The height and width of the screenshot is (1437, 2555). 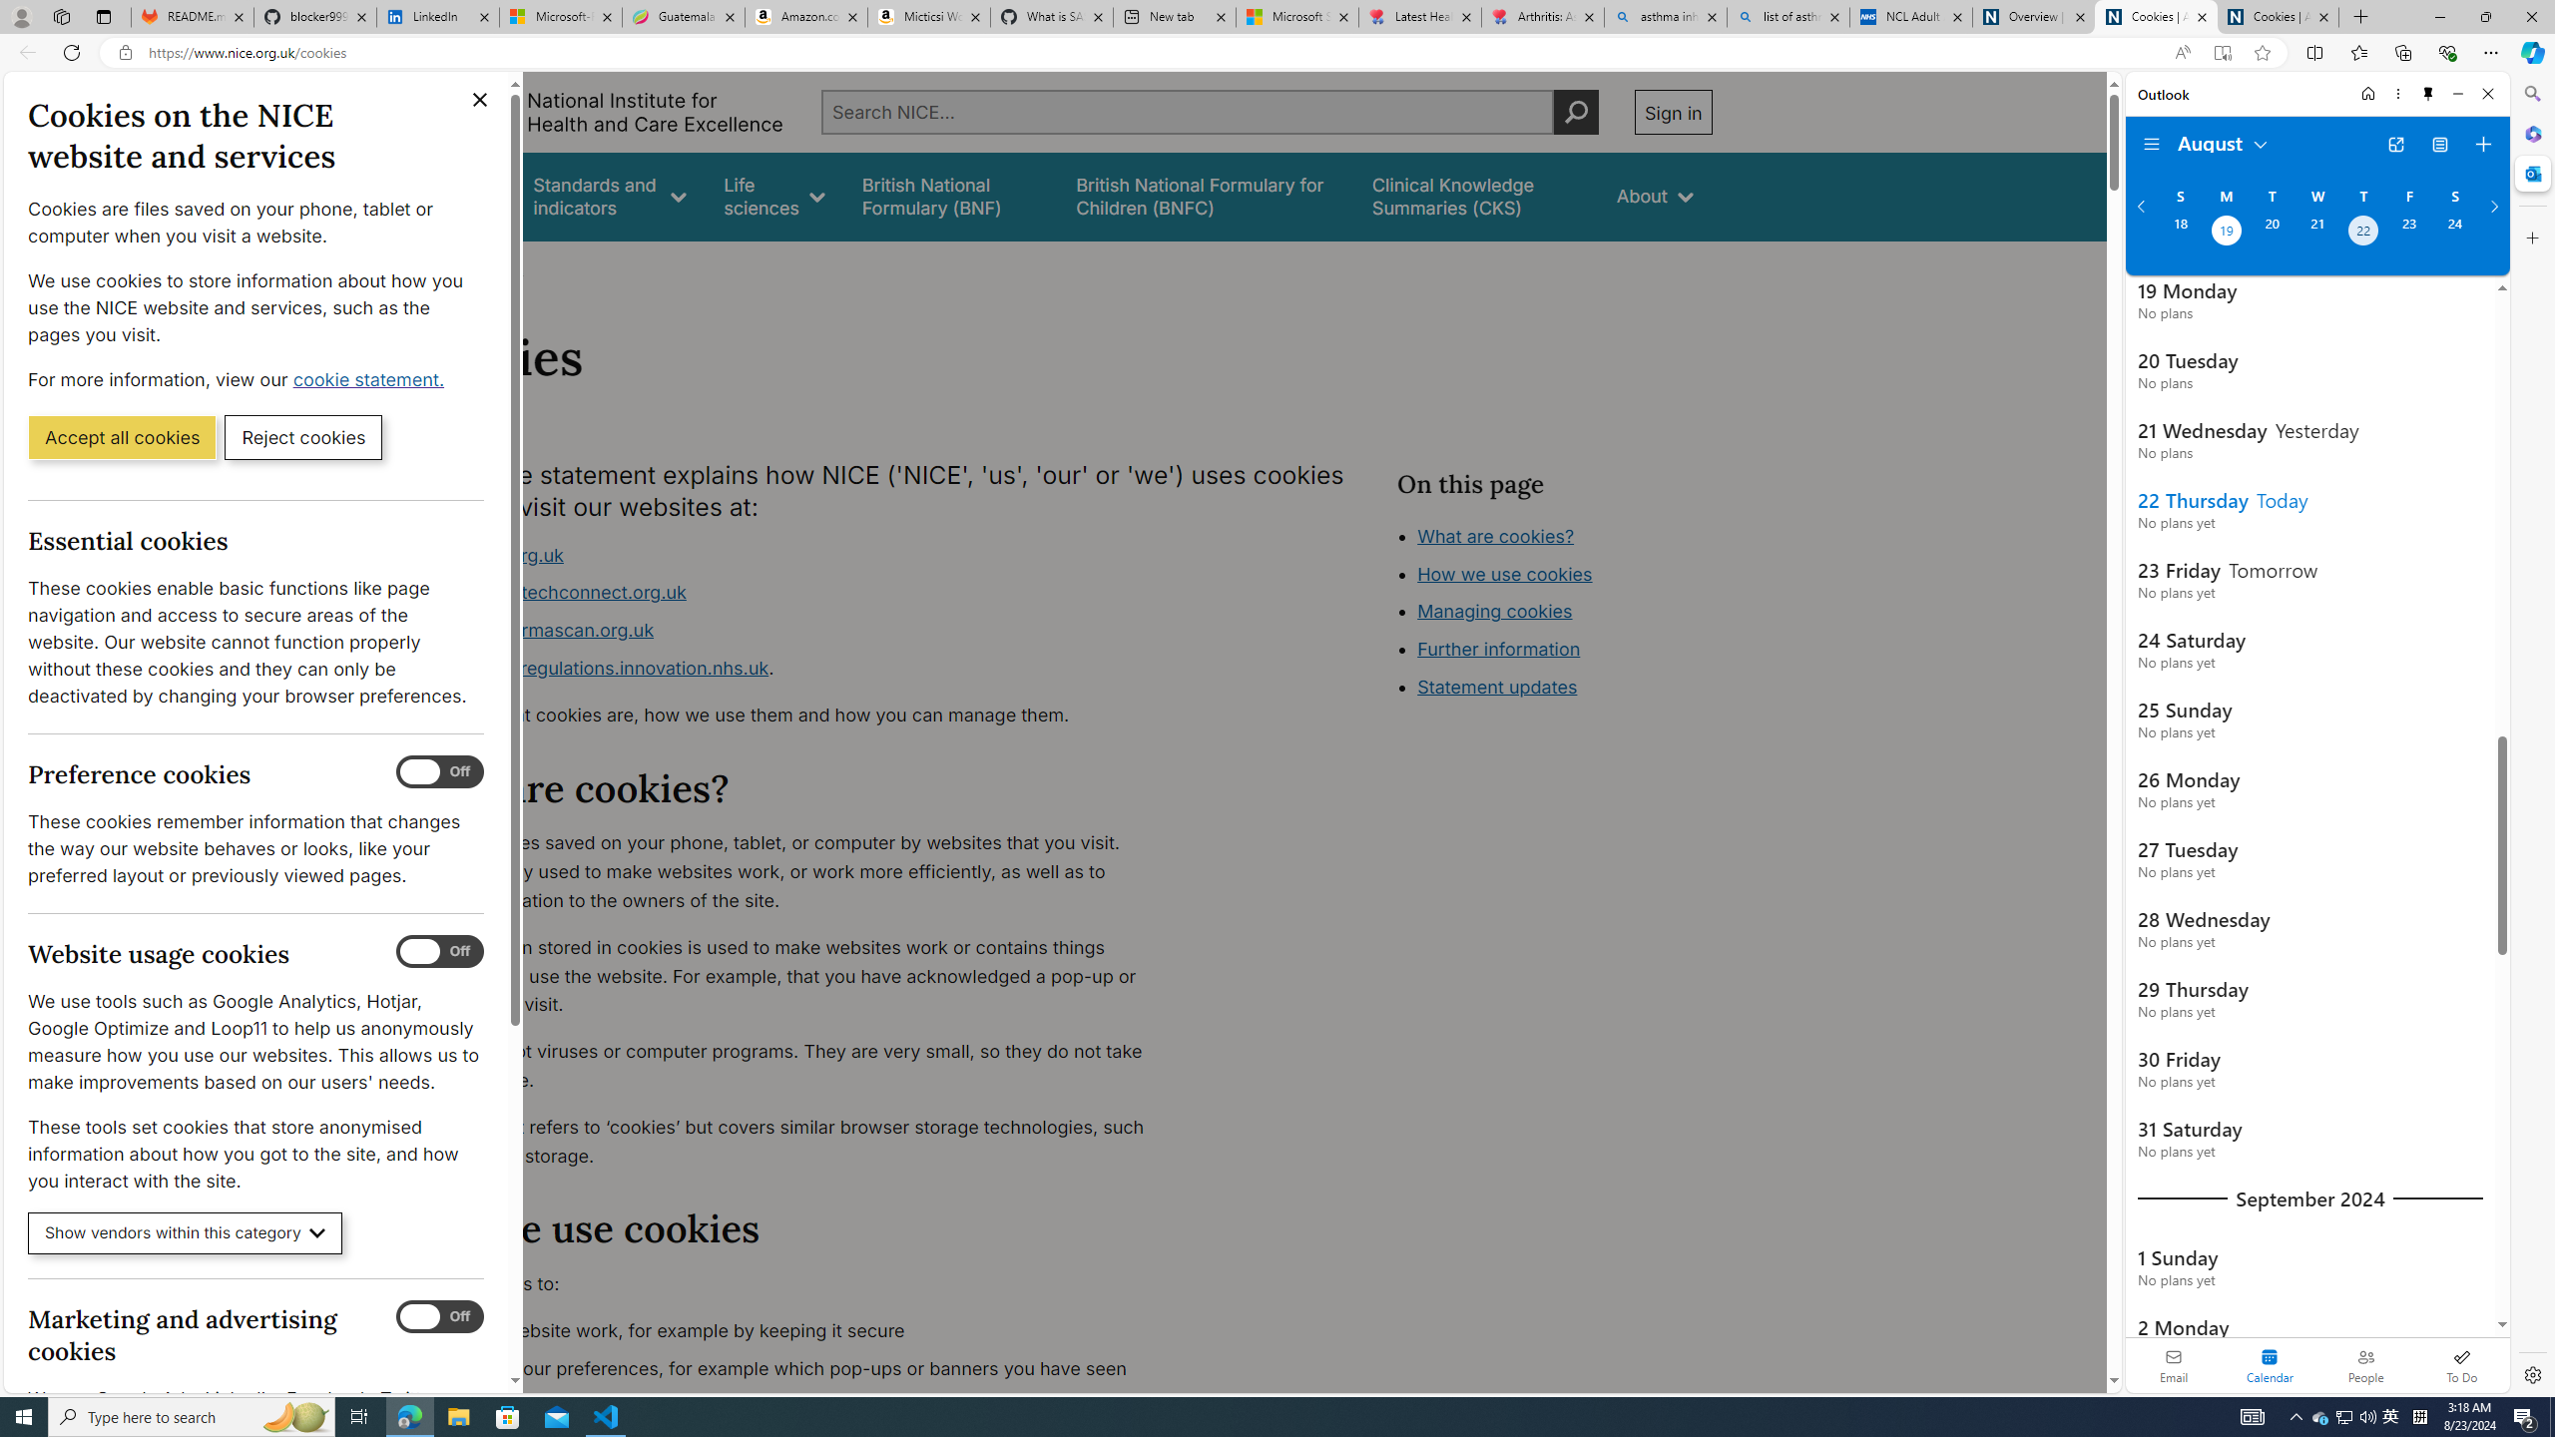 I want to click on 'Close cookie banner', so click(x=480, y=99).